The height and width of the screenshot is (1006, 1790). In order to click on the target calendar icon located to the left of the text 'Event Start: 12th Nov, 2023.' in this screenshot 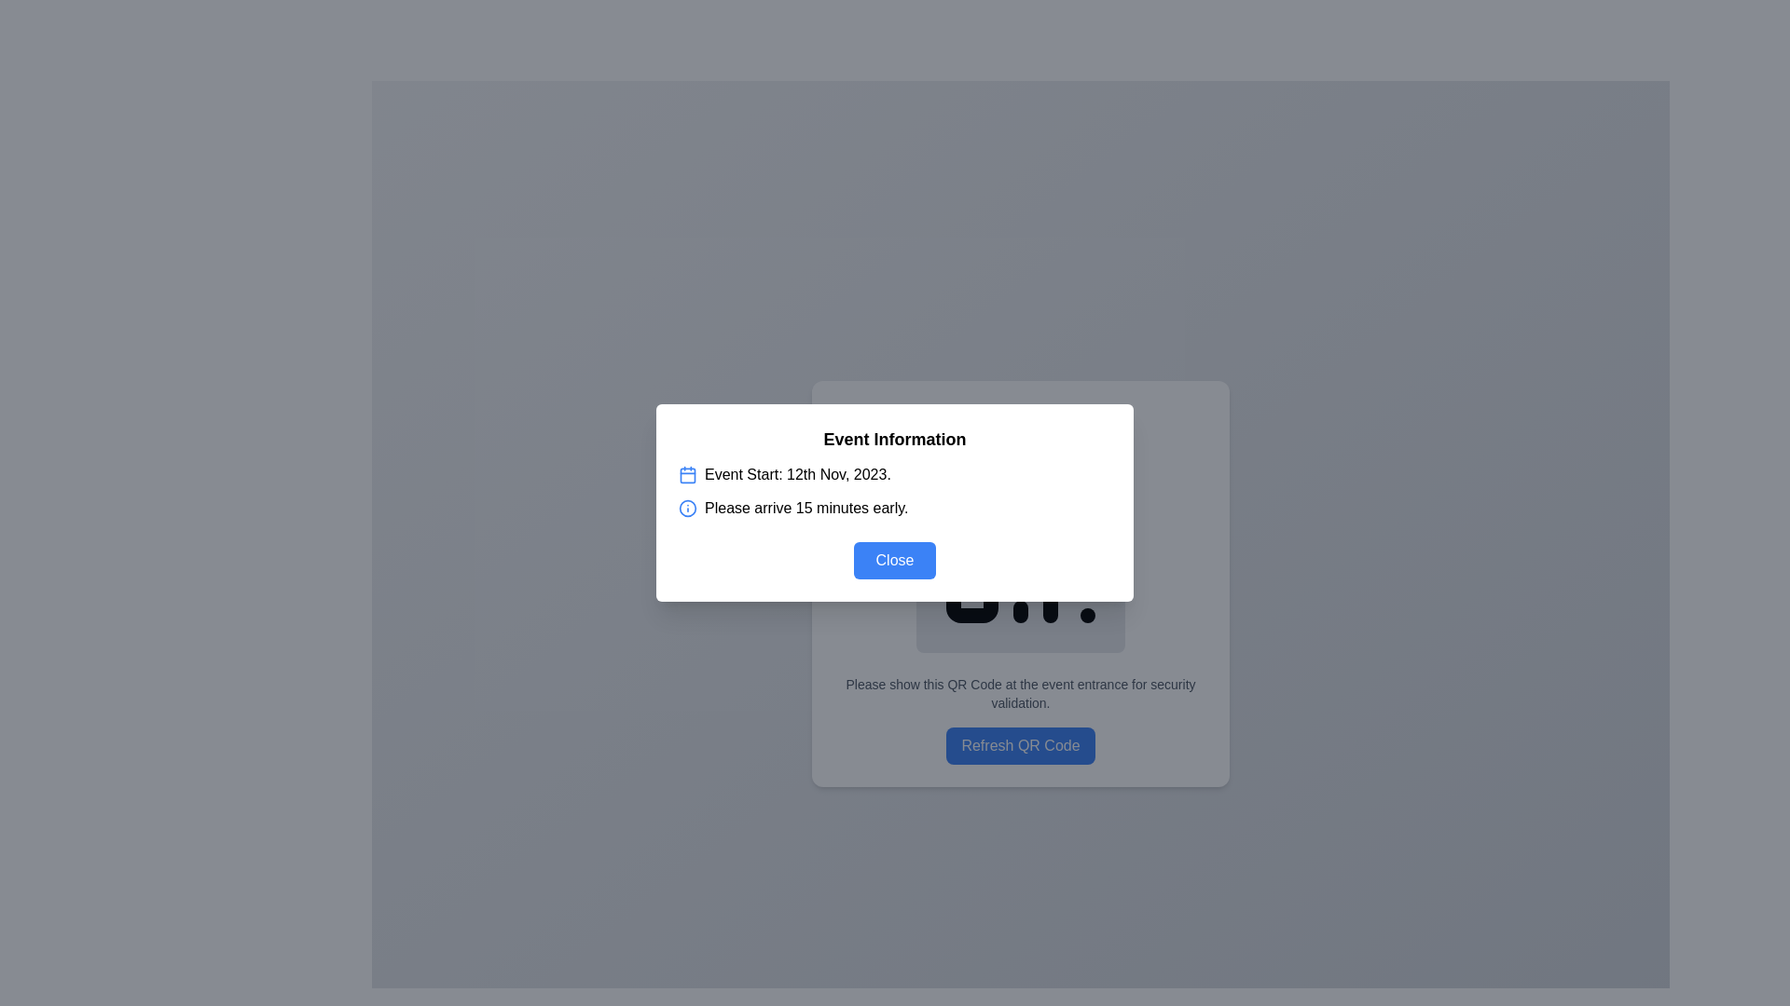, I will do `click(687, 473)`.